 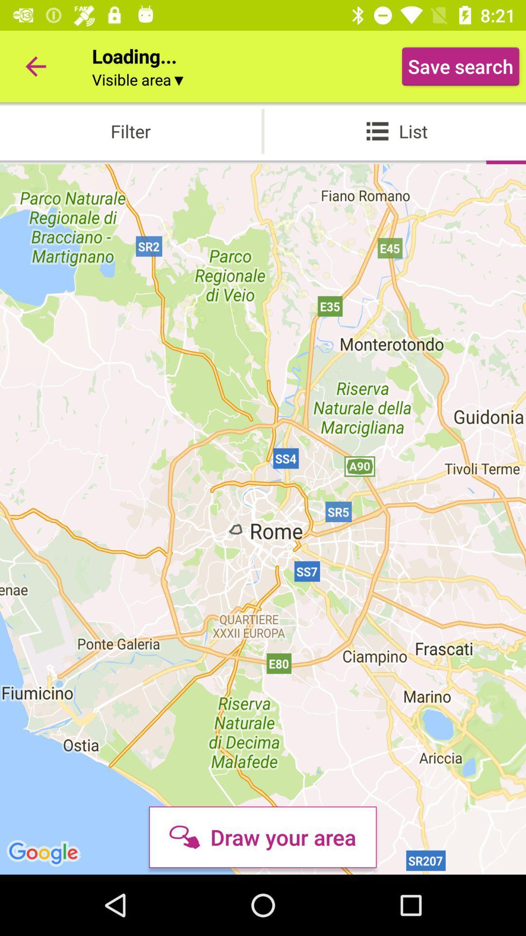 I want to click on the save search item, so click(x=460, y=66).